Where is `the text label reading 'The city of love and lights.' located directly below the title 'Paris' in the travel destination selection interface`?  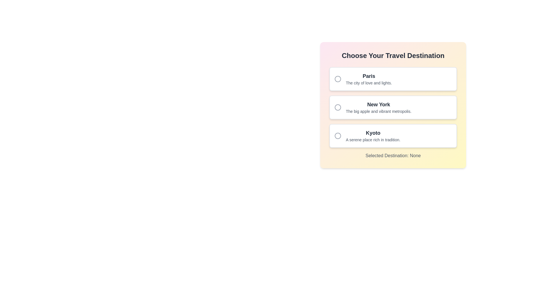
the text label reading 'The city of love and lights.' located directly below the title 'Paris' in the travel destination selection interface is located at coordinates (369, 83).